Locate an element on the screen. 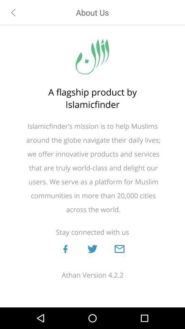 This screenshot has width=185, height=329. the item to the left of about us is located at coordinates (13, 12).